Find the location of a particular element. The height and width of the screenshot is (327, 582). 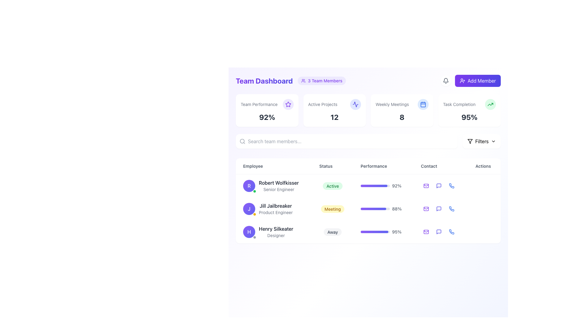

the text label representing the name of the individual in the employee list is located at coordinates (278, 183).